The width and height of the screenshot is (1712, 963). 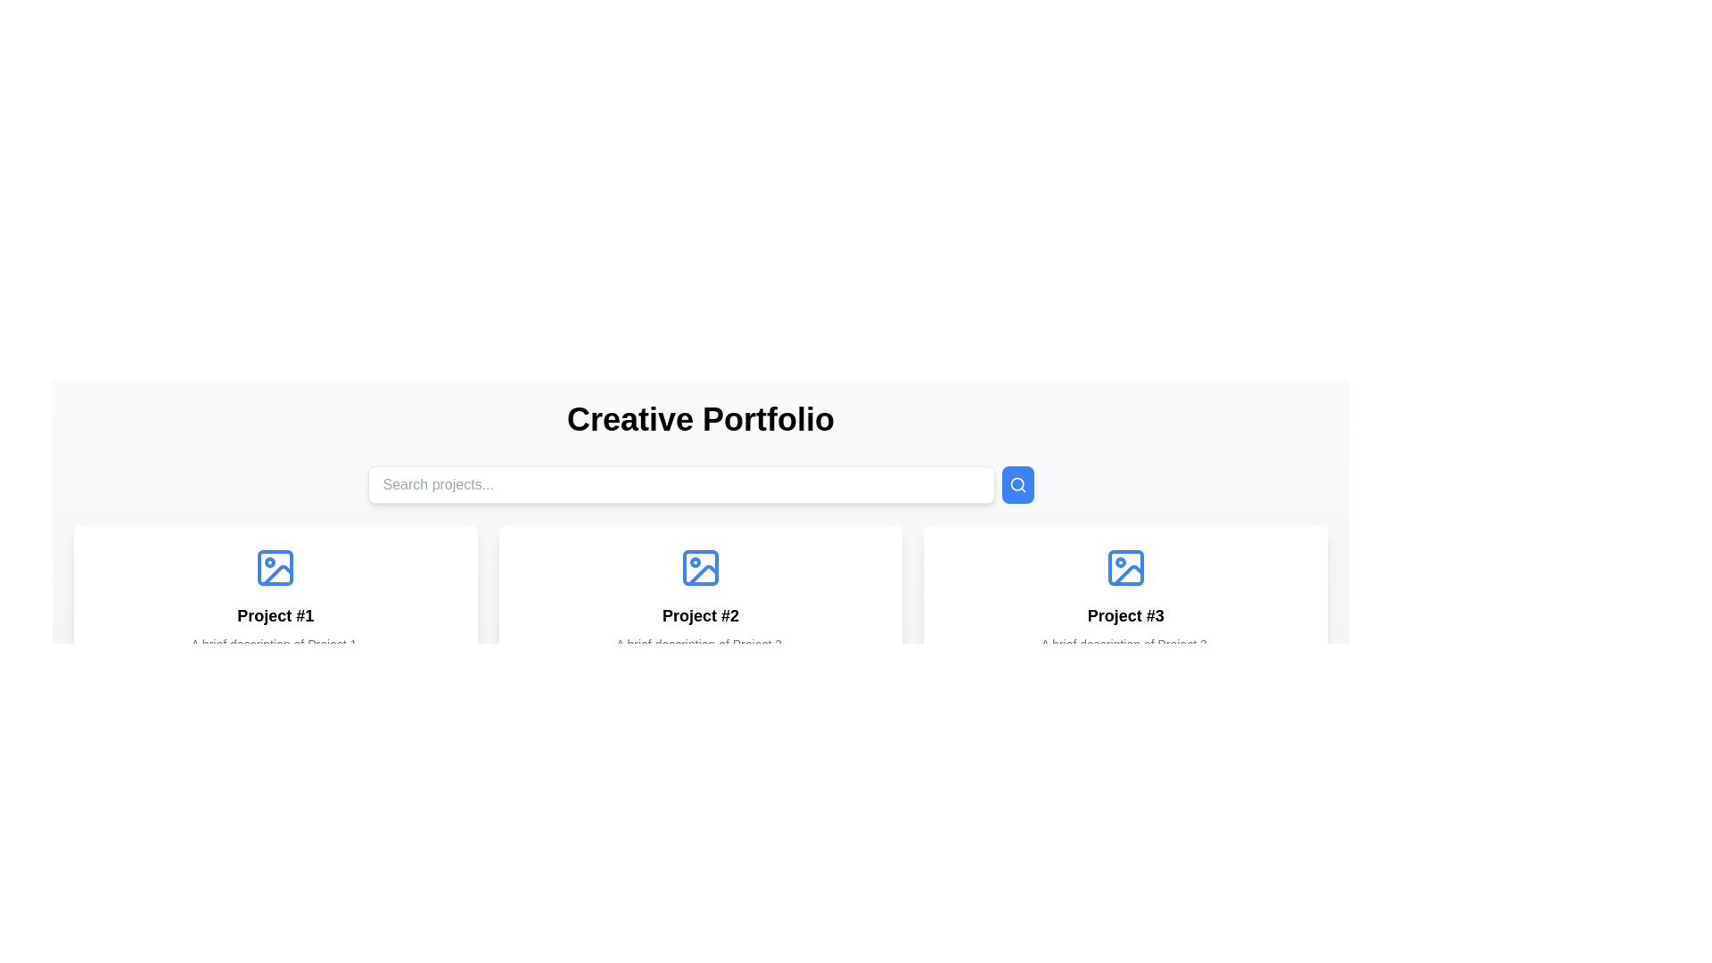 What do you see at coordinates (1124, 567) in the screenshot?
I see `the SVG icon at the top-center of the third project's card` at bounding box center [1124, 567].